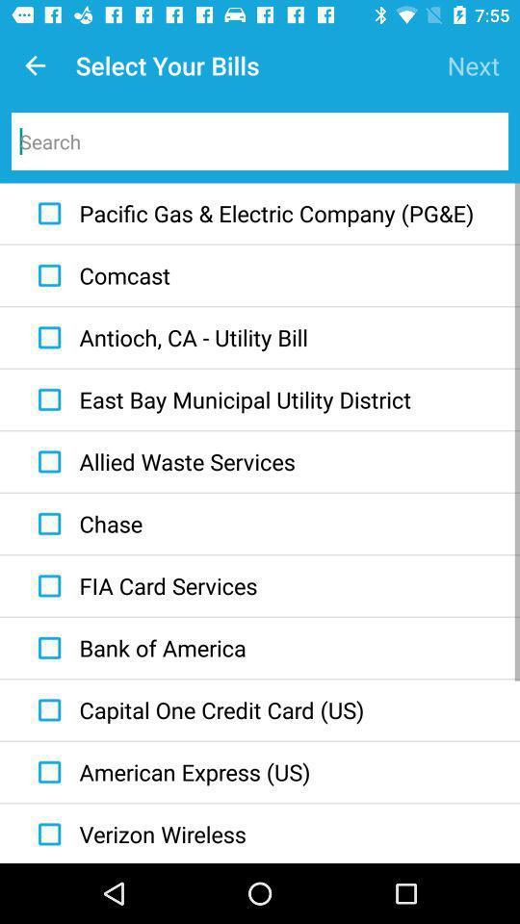  What do you see at coordinates (137, 648) in the screenshot?
I see `the bank of america item` at bounding box center [137, 648].